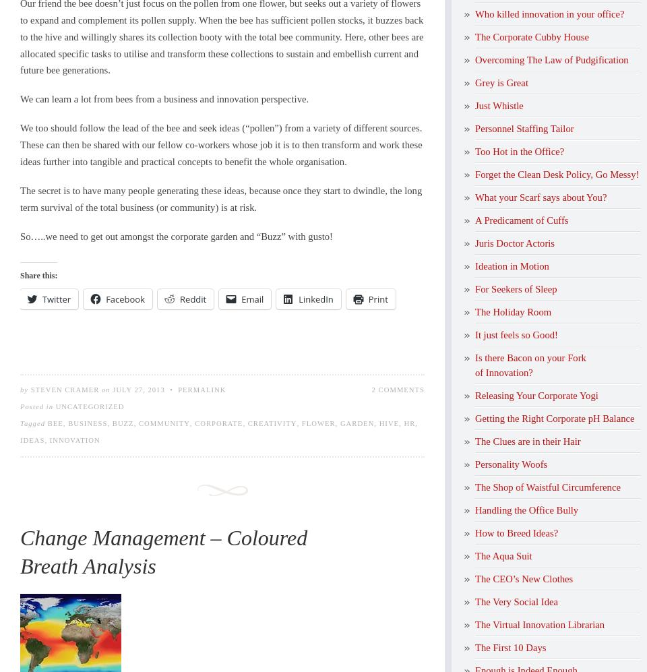  I want to click on 'What your Scarf says about You?', so click(541, 197).